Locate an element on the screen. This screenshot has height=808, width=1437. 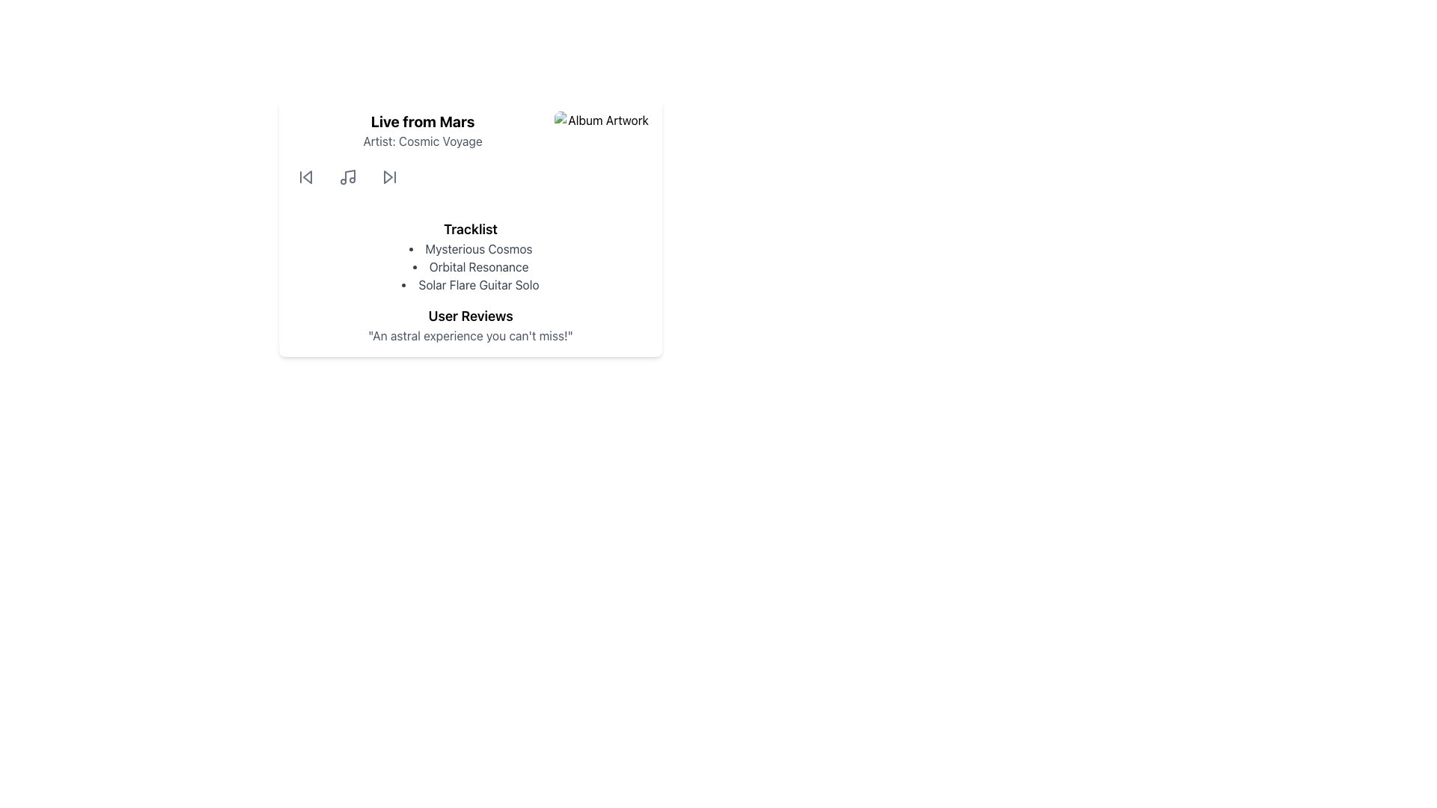
the fourth button in the row of controls to skip to the next item in the playlist is located at coordinates (390, 176).